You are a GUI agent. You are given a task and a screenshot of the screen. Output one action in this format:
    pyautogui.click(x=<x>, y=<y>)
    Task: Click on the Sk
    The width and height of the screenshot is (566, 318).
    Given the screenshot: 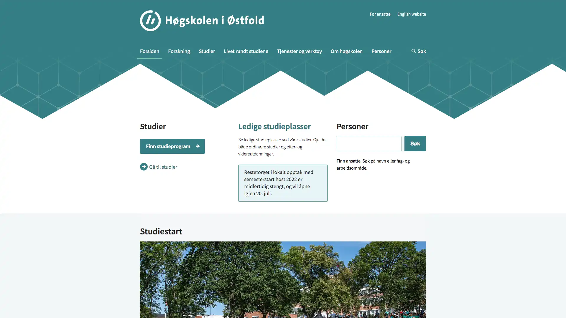 What is the action you would take?
    pyautogui.click(x=358, y=59)
    